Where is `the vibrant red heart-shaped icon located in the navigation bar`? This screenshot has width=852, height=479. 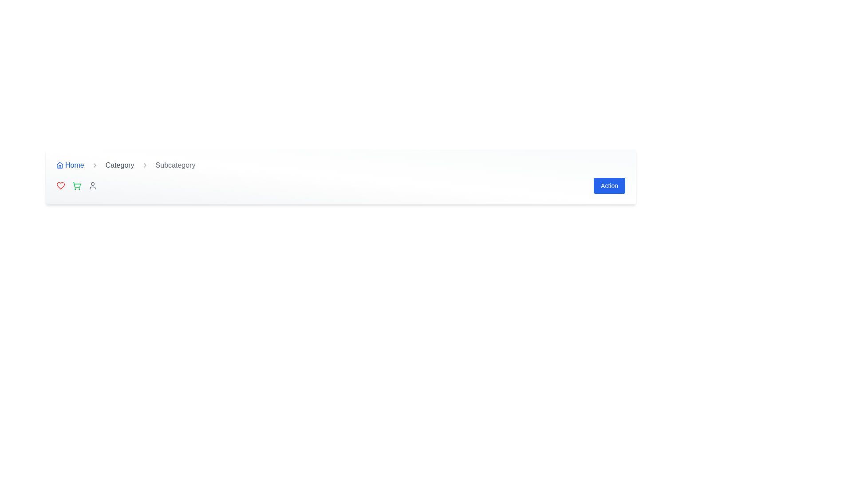
the vibrant red heart-shaped icon located in the navigation bar is located at coordinates (60, 185).